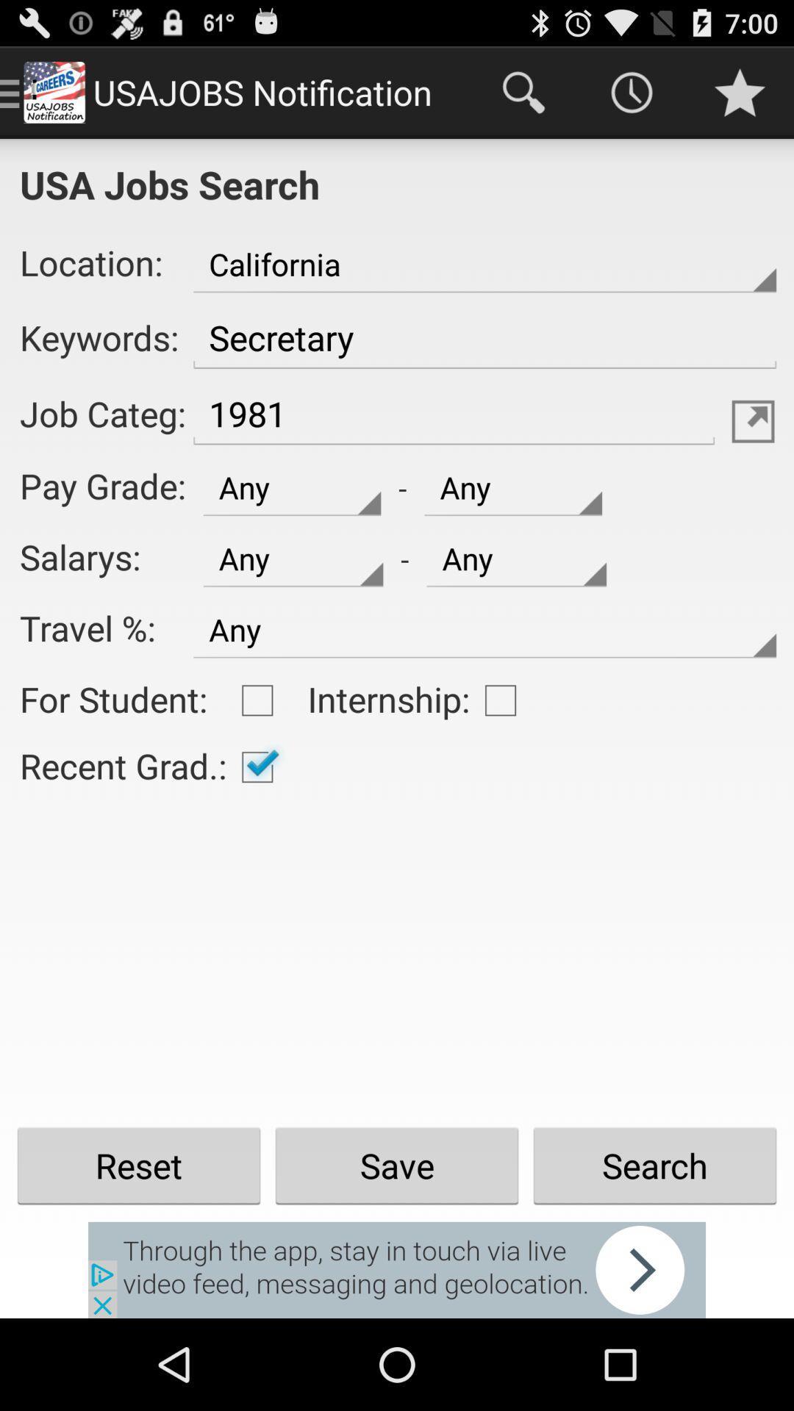 This screenshot has height=1411, width=794. I want to click on send mail, so click(753, 420).